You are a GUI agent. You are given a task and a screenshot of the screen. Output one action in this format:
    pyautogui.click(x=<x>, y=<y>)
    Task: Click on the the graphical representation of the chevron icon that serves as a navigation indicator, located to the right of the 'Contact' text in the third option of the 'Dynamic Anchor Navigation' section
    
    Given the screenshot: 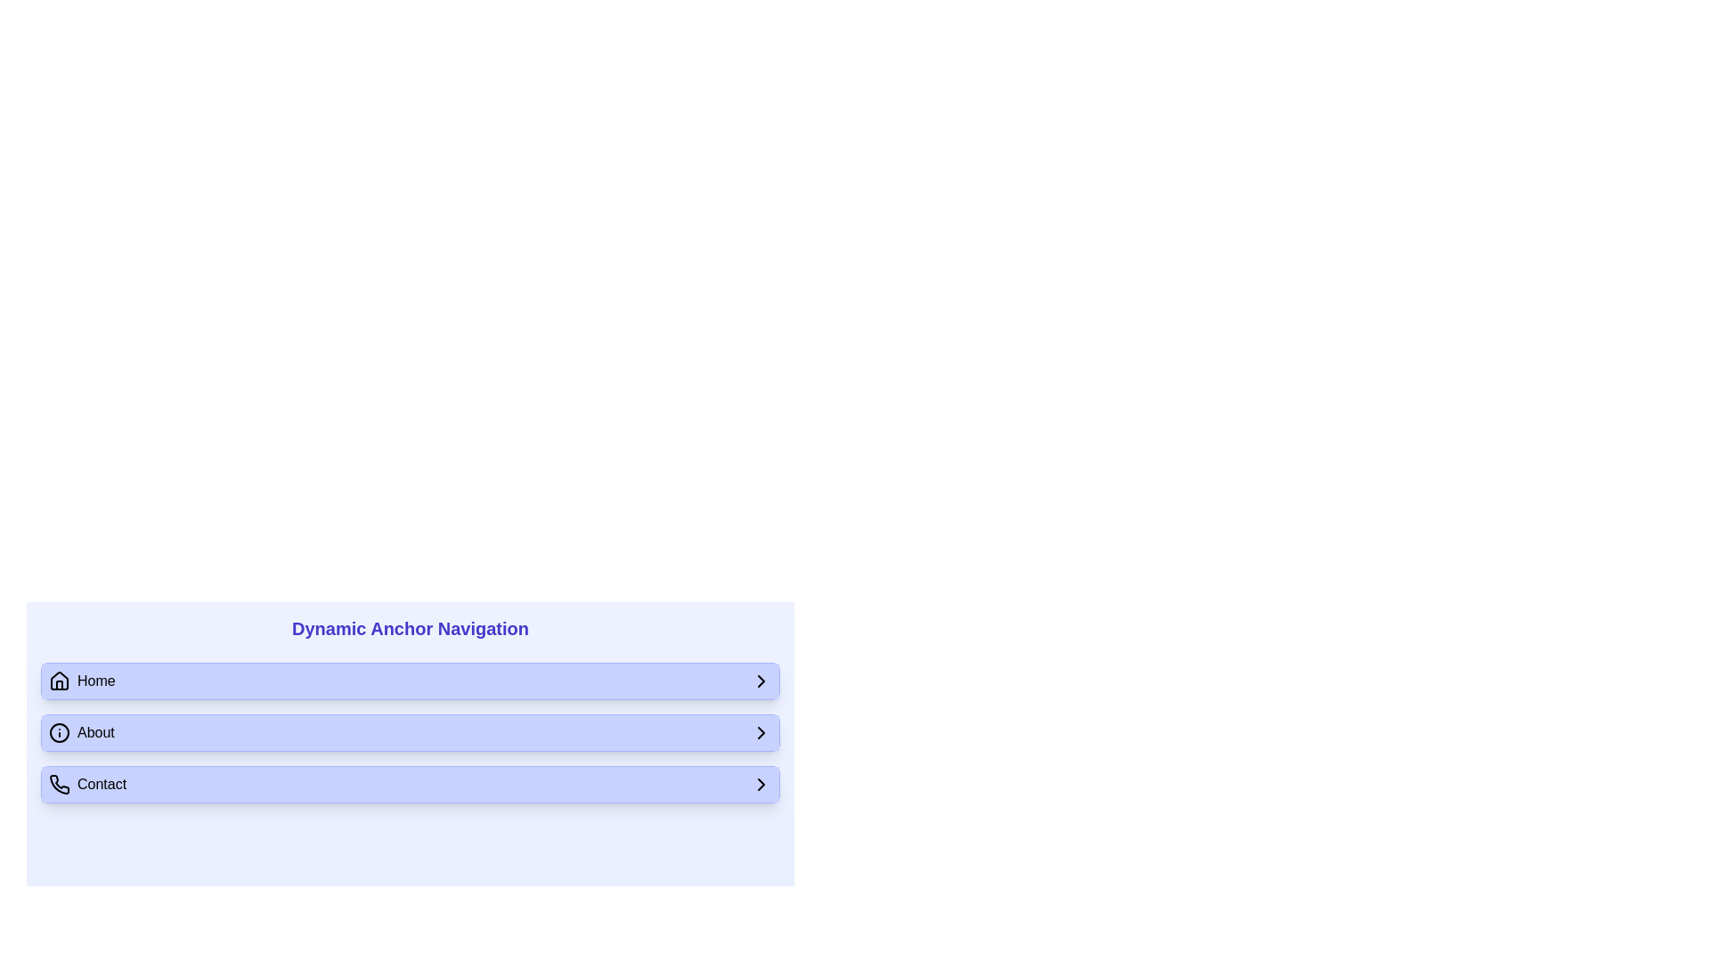 What is the action you would take?
    pyautogui.click(x=761, y=732)
    